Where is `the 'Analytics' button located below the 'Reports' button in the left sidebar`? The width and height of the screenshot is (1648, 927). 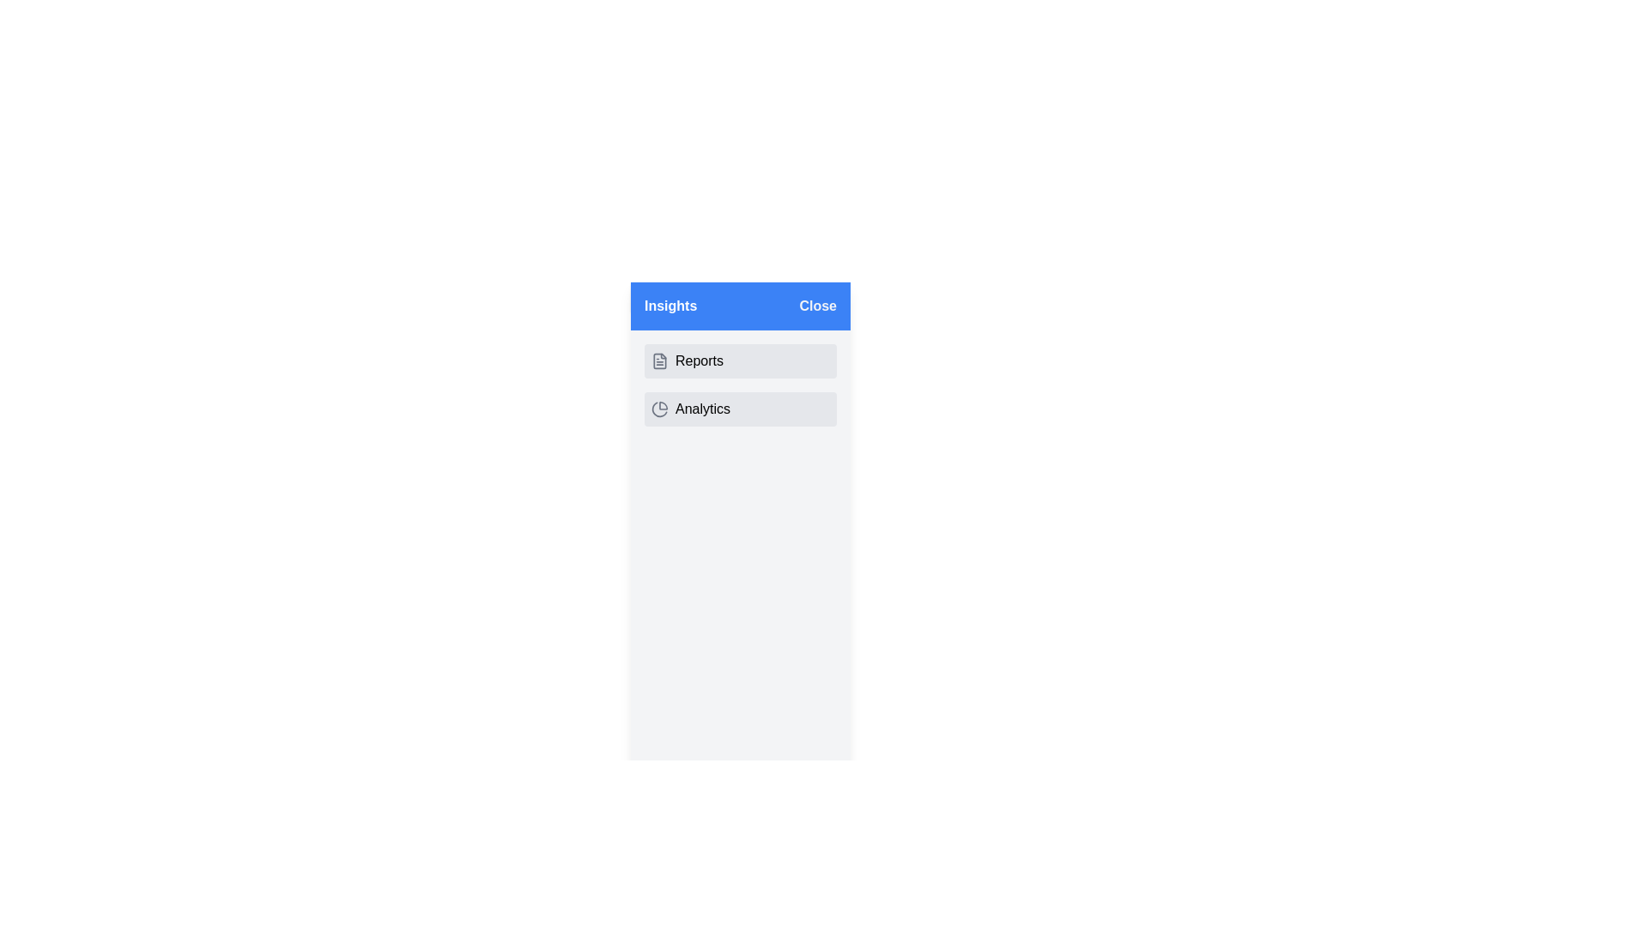 the 'Analytics' button located below the 'Reports' button in the left sidebar is located at coordinates (741, 409).